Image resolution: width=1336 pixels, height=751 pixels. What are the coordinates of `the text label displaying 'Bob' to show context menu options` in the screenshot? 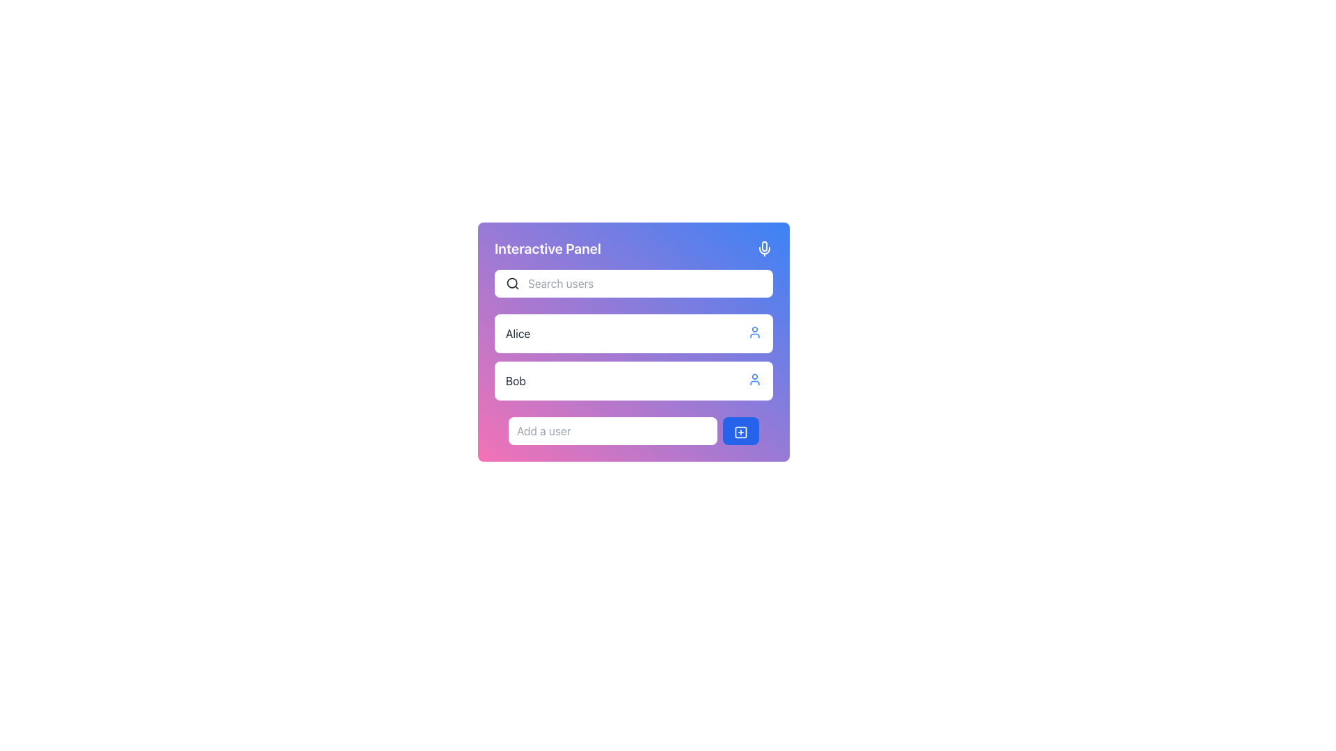 It's located at (515, 380).